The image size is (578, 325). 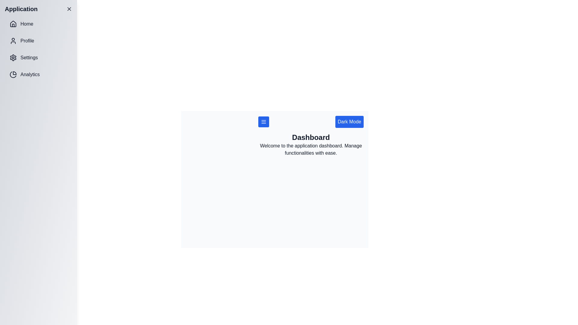 What do you see at coordinates (311, 149) in the screenshot?
I see `the text label that displays 'Welcome to the application dashboard. Manage functionalities with ease.' which is centered below the 'Dashboard' header` at bounding box center [311, 149].